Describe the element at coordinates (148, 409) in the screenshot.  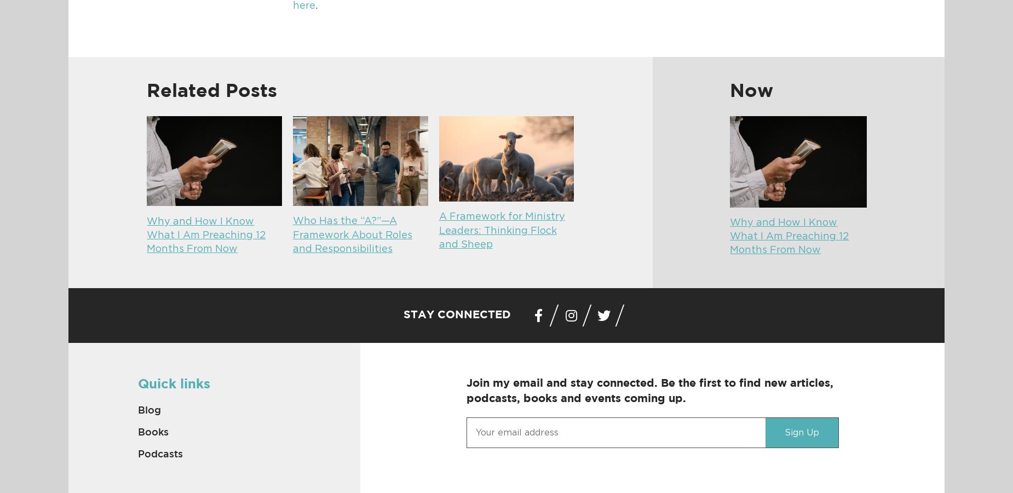
I see `'Blog'` at that location.